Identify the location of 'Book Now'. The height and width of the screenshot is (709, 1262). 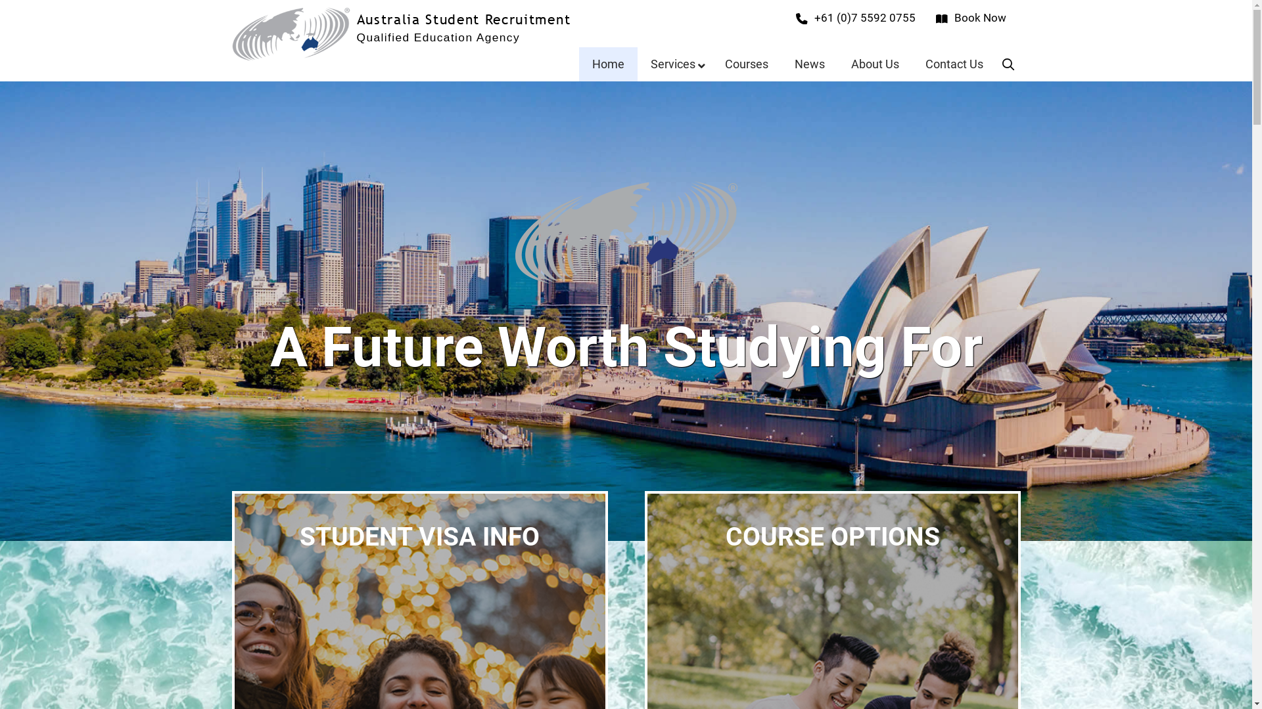
(971, 18).